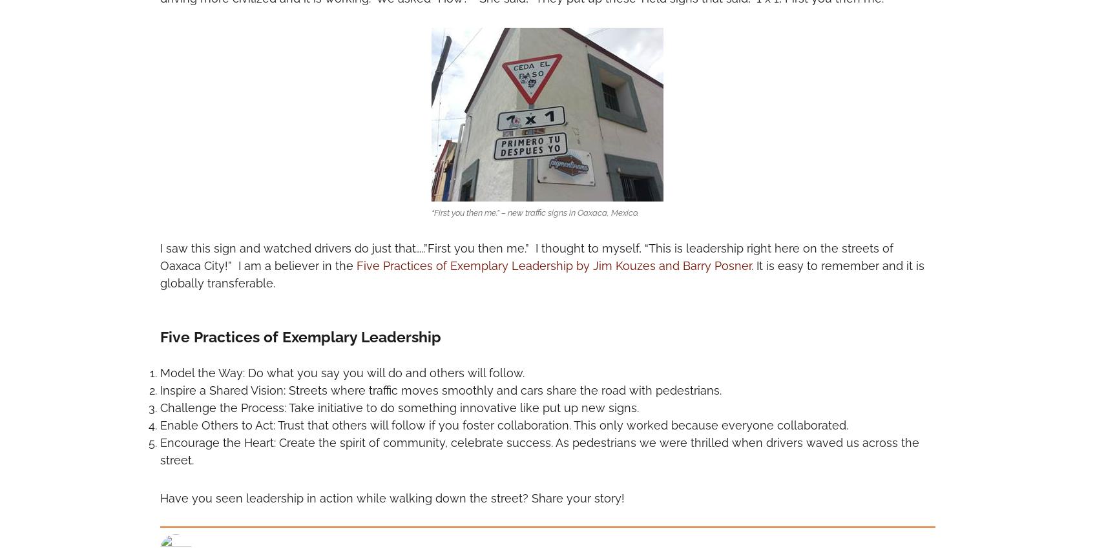  What do you see at coordinates (526, 256) in the screenshot?
I see `'I saw this sign and watched drivers do just that…..”First you then me.”  I thought to myself, “This is leadership right here on the streets of Oaxaca City!”  I am a believer in the'` at bounding box center [526, 256].